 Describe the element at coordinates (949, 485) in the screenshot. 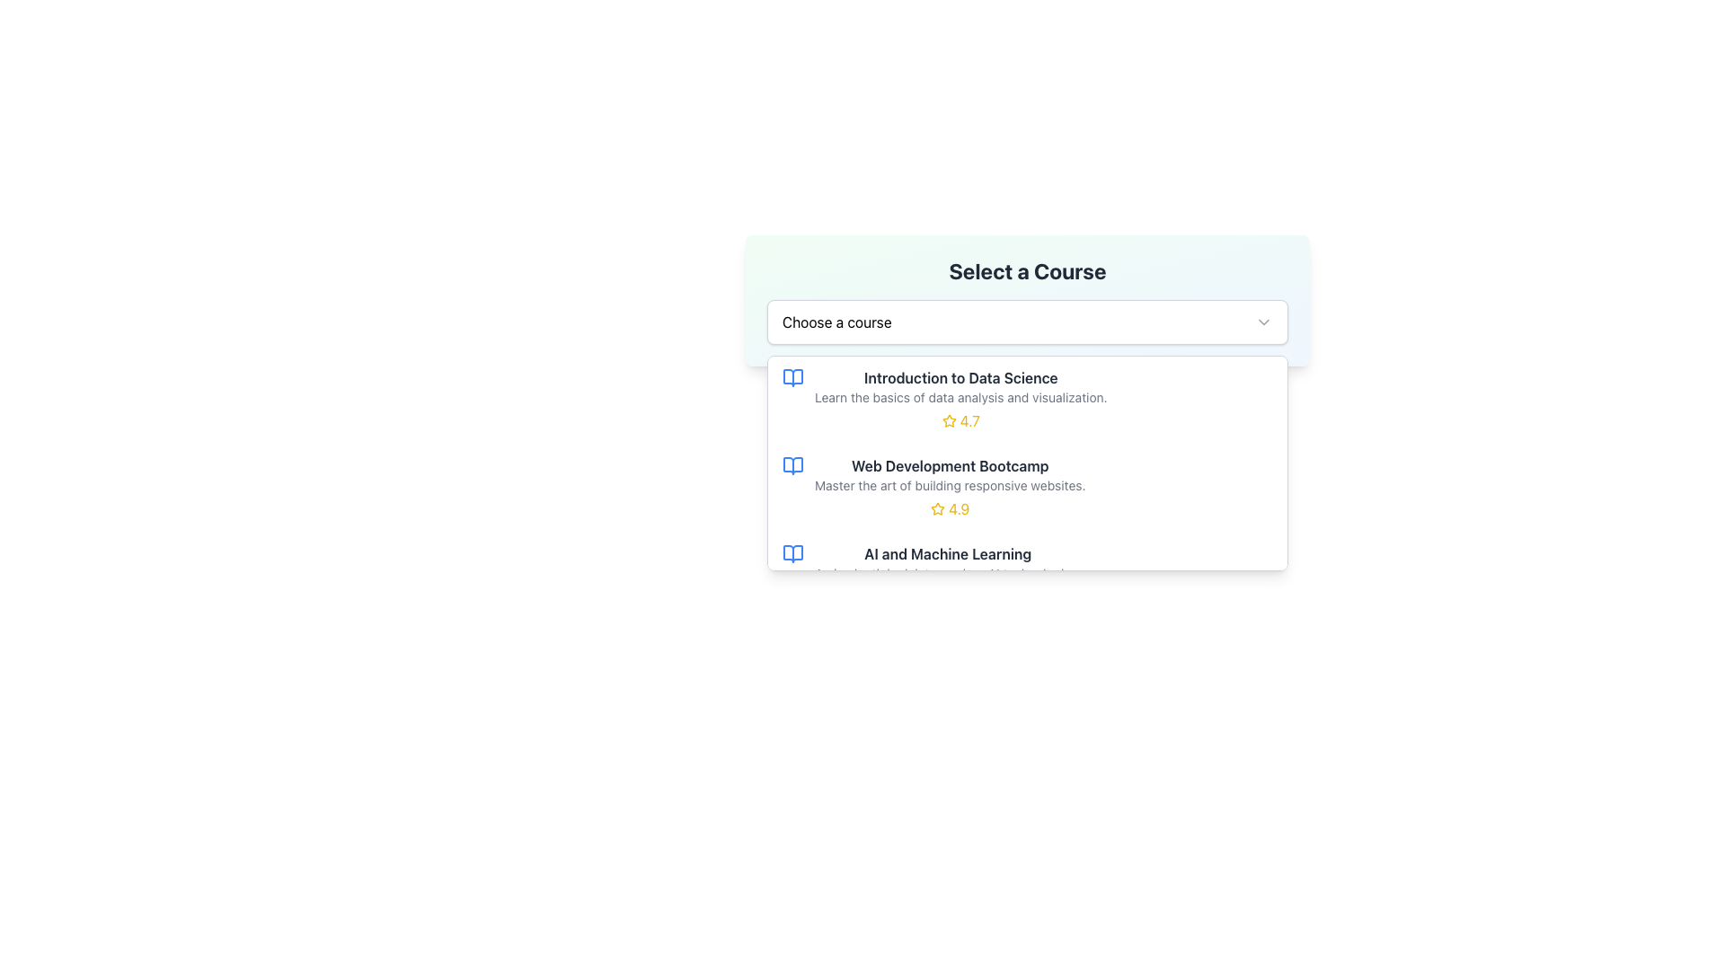

I see `the text label displaying 'Master the art of building responsive websites.' located below the title 'Web Development Bootcamp' in the course selection dropdown UI` at that location.